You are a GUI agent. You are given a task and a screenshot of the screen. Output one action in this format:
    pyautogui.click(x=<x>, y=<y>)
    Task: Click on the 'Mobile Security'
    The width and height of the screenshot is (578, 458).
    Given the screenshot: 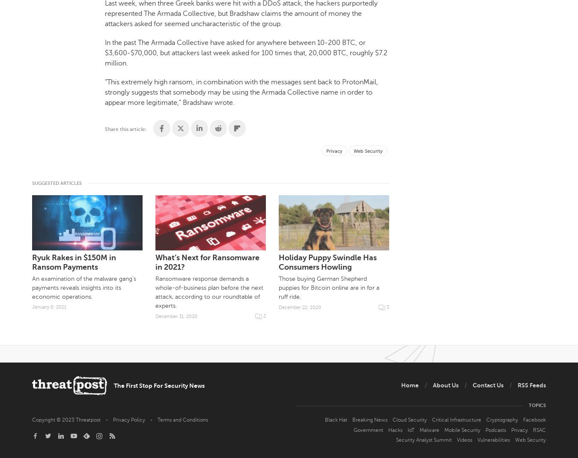 What is the action you would take?
    pyautogui.click(x=462, y=429)
    